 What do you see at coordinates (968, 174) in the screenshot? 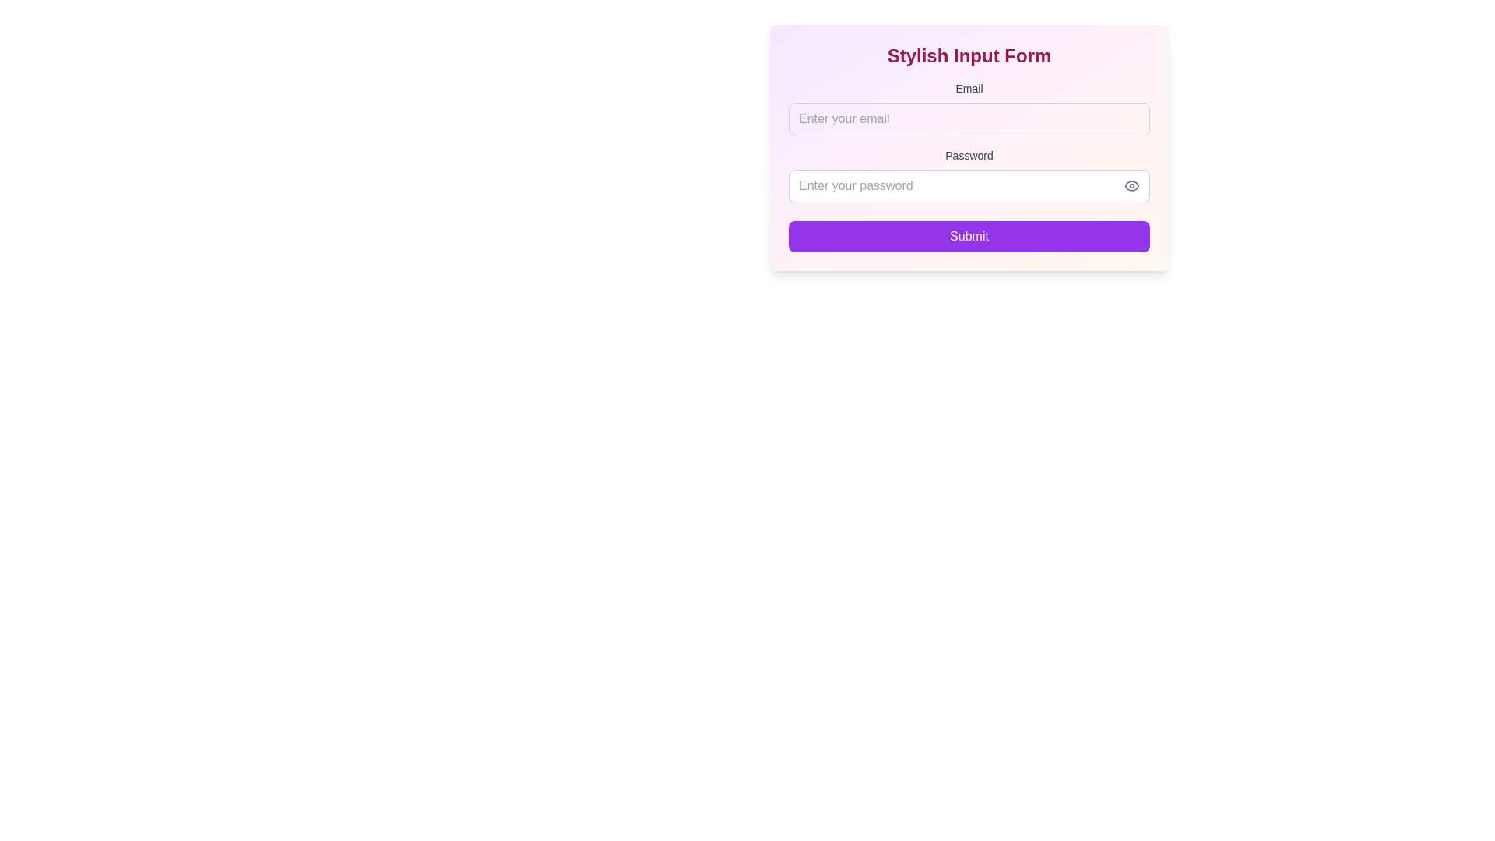
I see `the Password input field that is identified by the text 'Password' above it and contains a placeholder text 'Enter your password'` at bounding box center [968, 174].